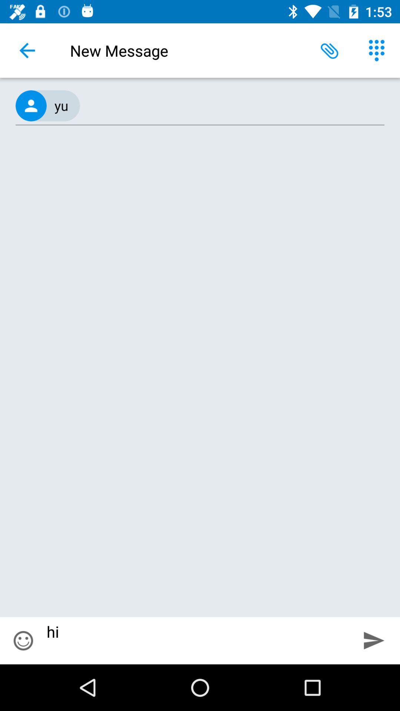 The height and width of the screenshot is (711, 400). I want to click on the send icon, so click(374, 640).